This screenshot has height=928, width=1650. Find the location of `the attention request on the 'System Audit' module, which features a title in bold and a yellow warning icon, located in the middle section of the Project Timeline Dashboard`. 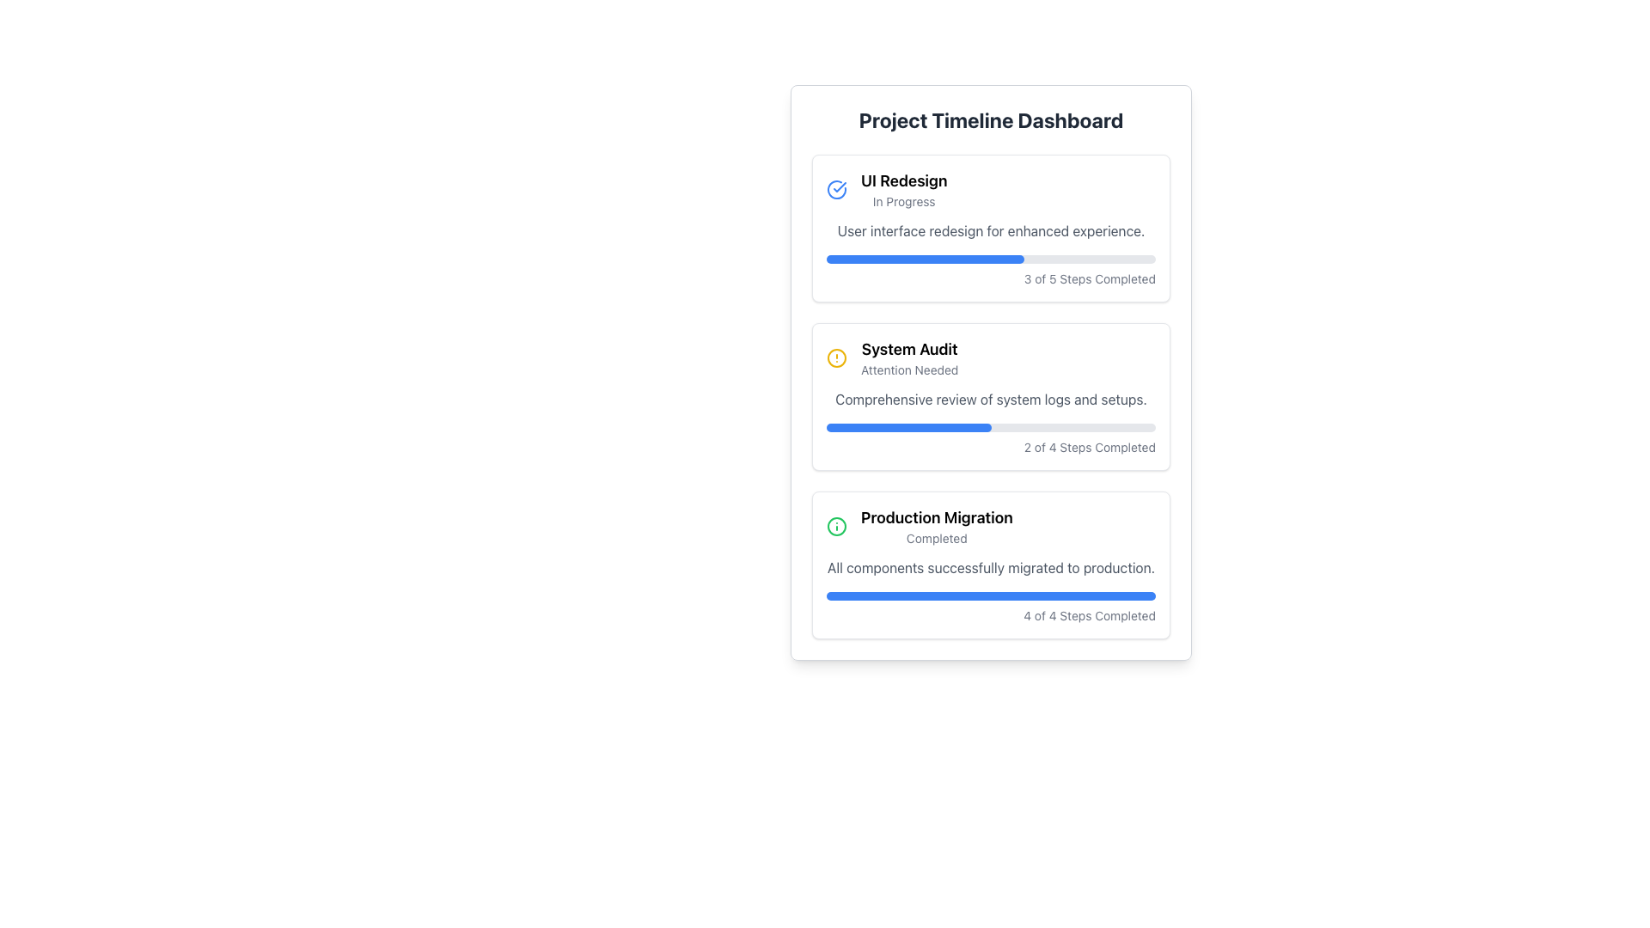

the attention request on the 'System Audit' module, which features a title in bold and a yellow warning icon, located in the middle section of the Project Timeline Dashboard is located at coordinates (991, 397).